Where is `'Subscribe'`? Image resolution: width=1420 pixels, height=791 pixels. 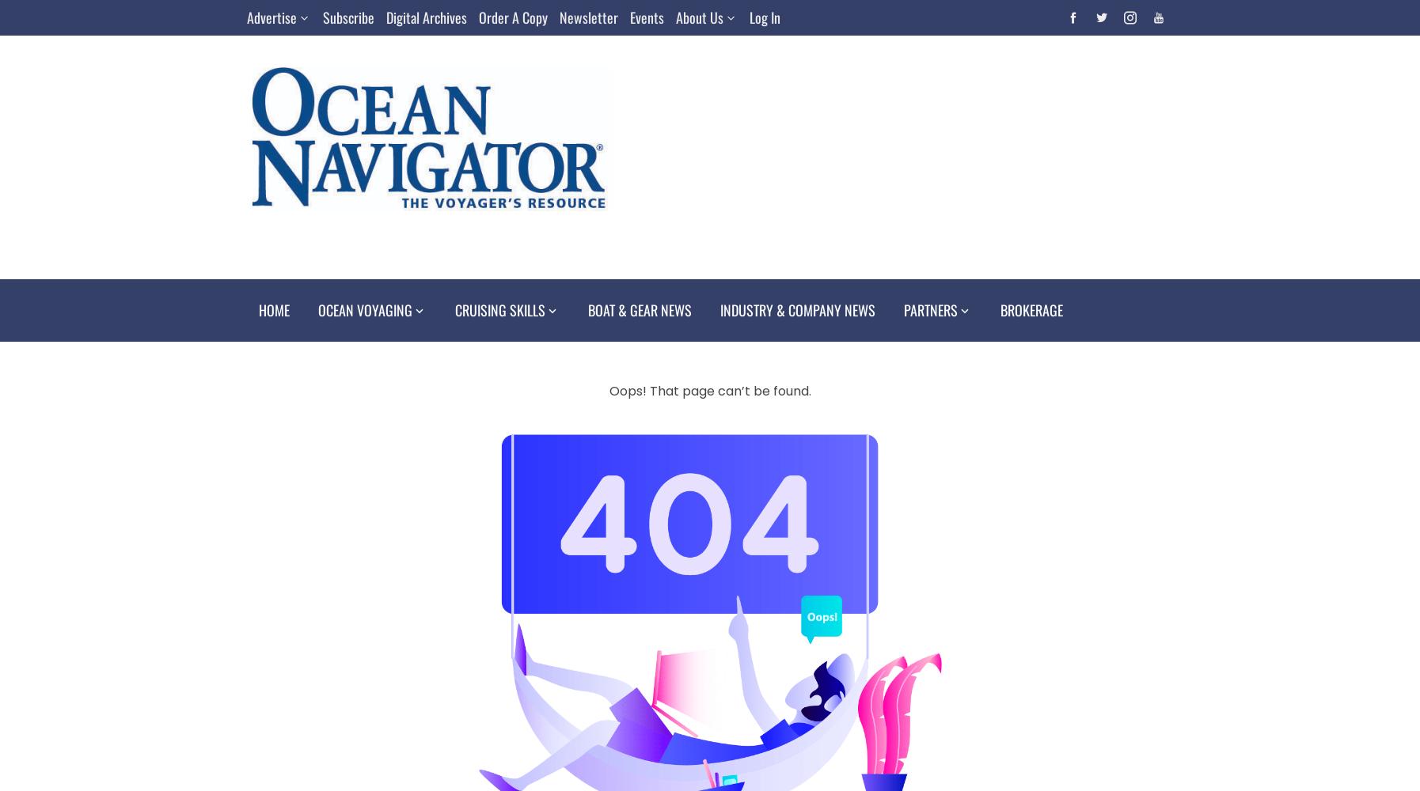 'Subscribe' is located at coordinates (347, 17).